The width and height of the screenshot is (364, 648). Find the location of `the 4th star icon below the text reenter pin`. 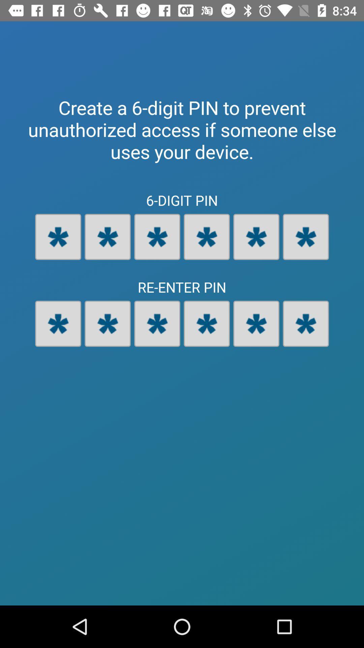

the 4th star icon below the text reenter pin is located at coordinates (206, 323).